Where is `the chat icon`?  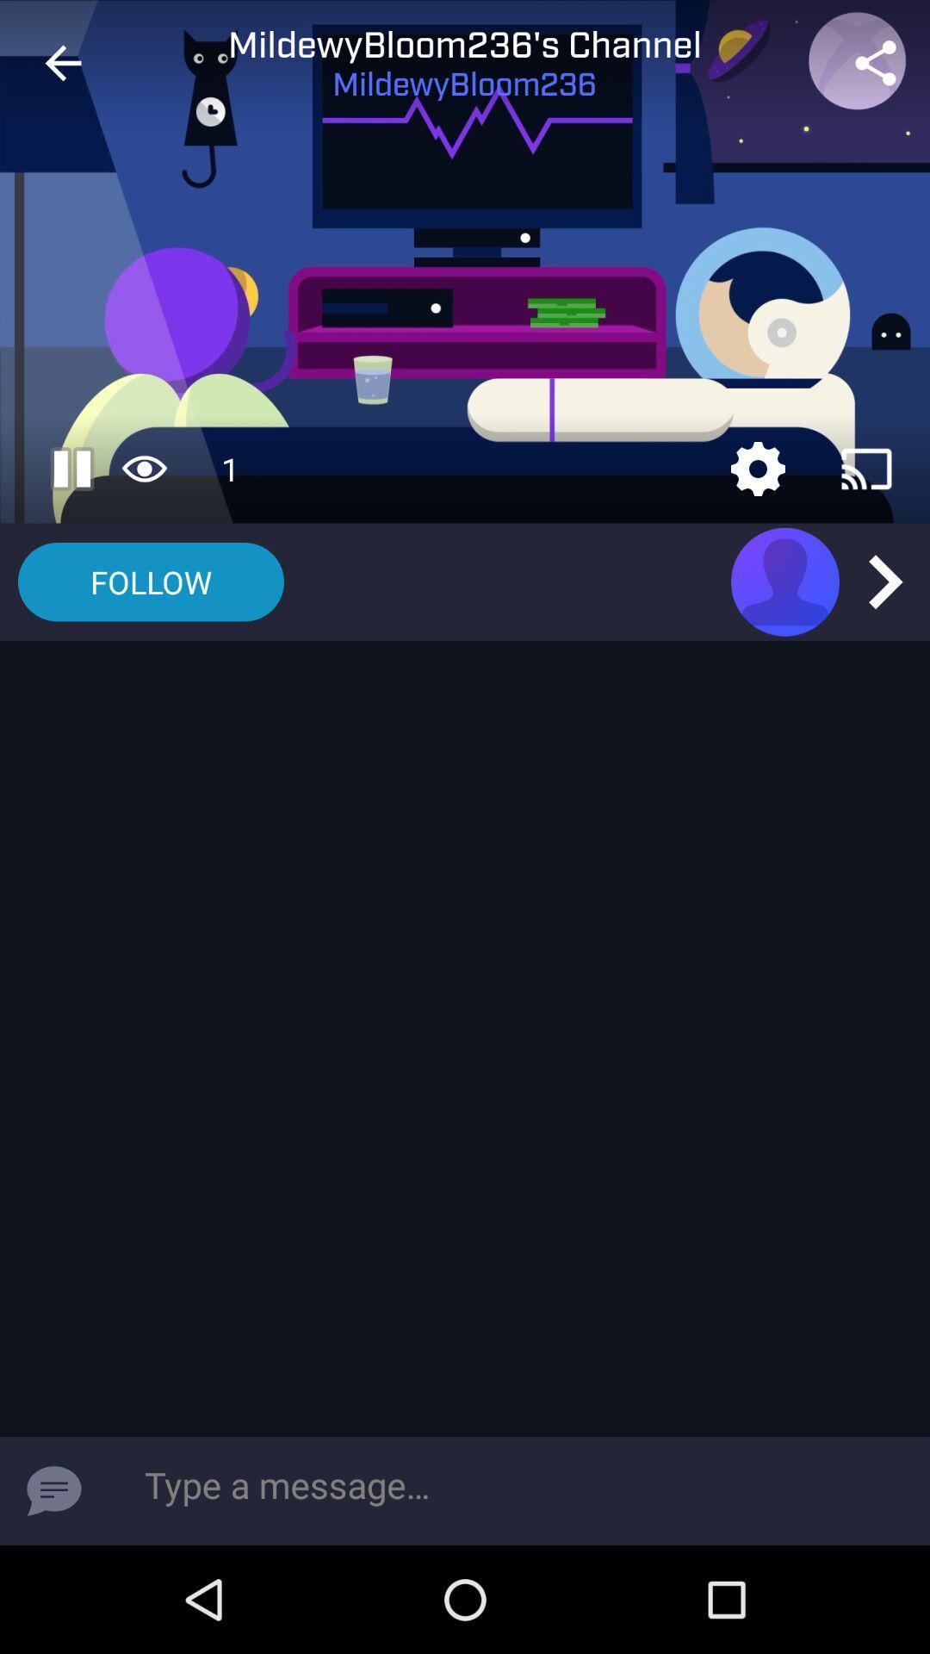 the chat icon is located at coordinates (53, 1490).